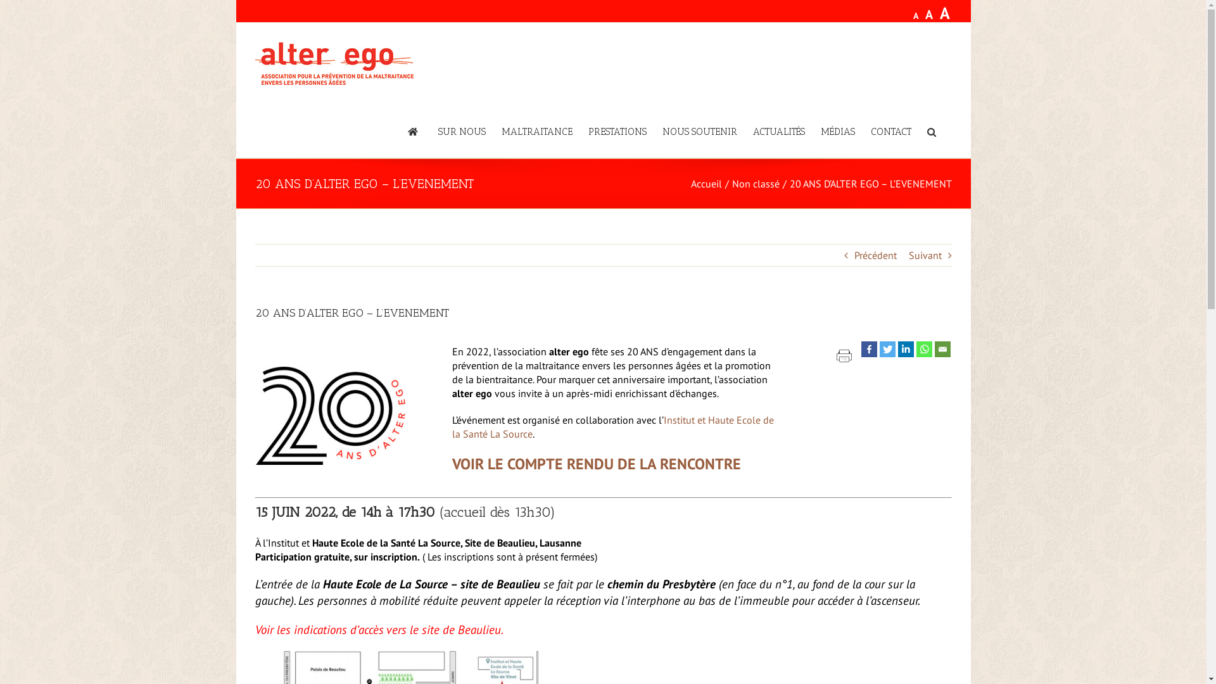 This screenshot has width=1216, height=684. What do you see at coordinates (868, 349) in the screenshot?
I see `'Facebook'` at bounding box center [868, 349].